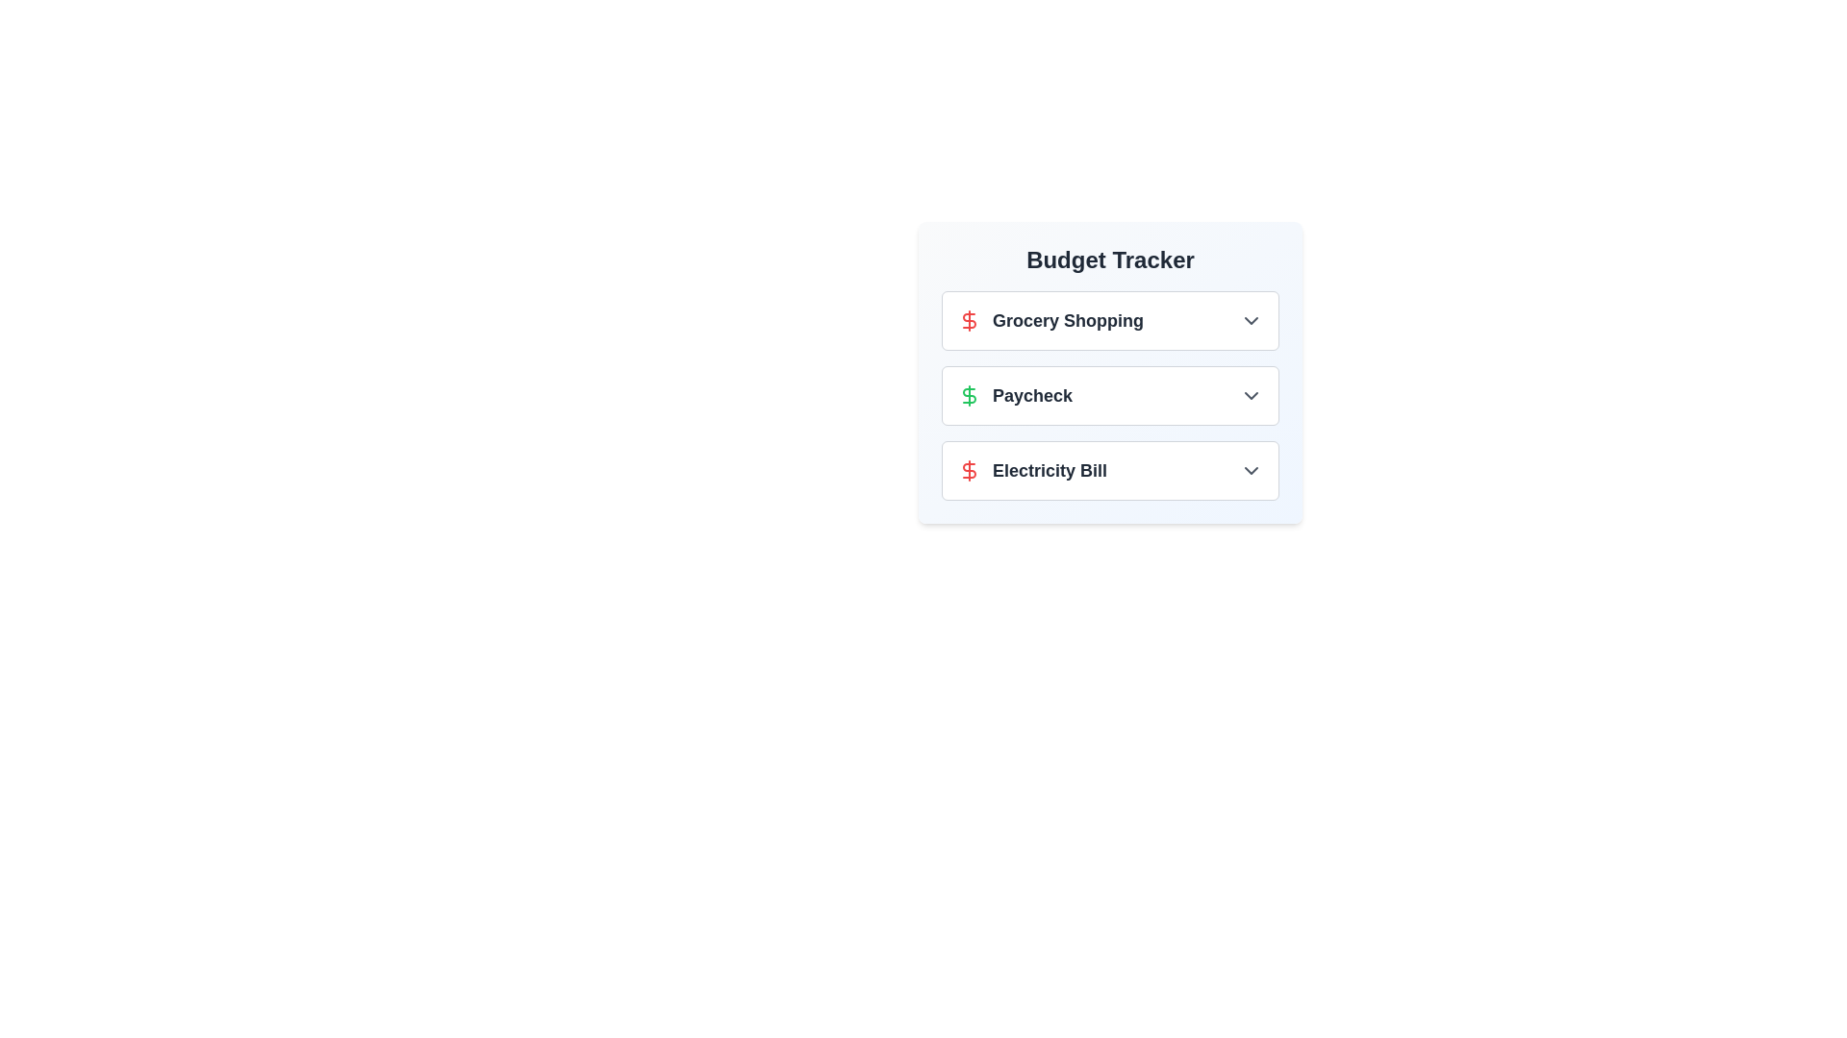 This screenshot has height=1038, width=1847. Describe the element at coordinates (970, 395) in the screenshot. I see `the icon representing the transaction type for Paycheck` at that location.